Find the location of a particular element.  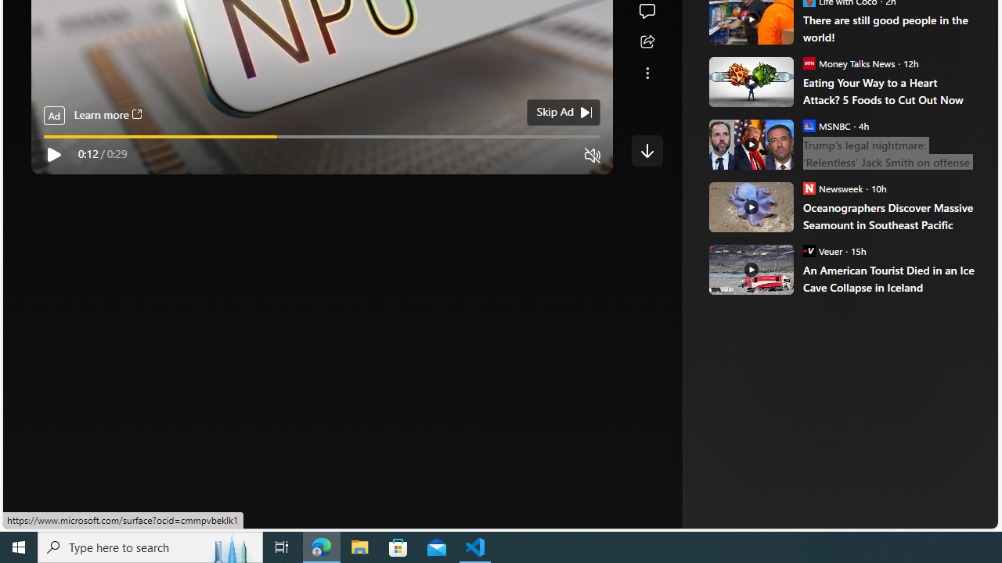

'Money Talks News' is located at coordinates (809, 62).